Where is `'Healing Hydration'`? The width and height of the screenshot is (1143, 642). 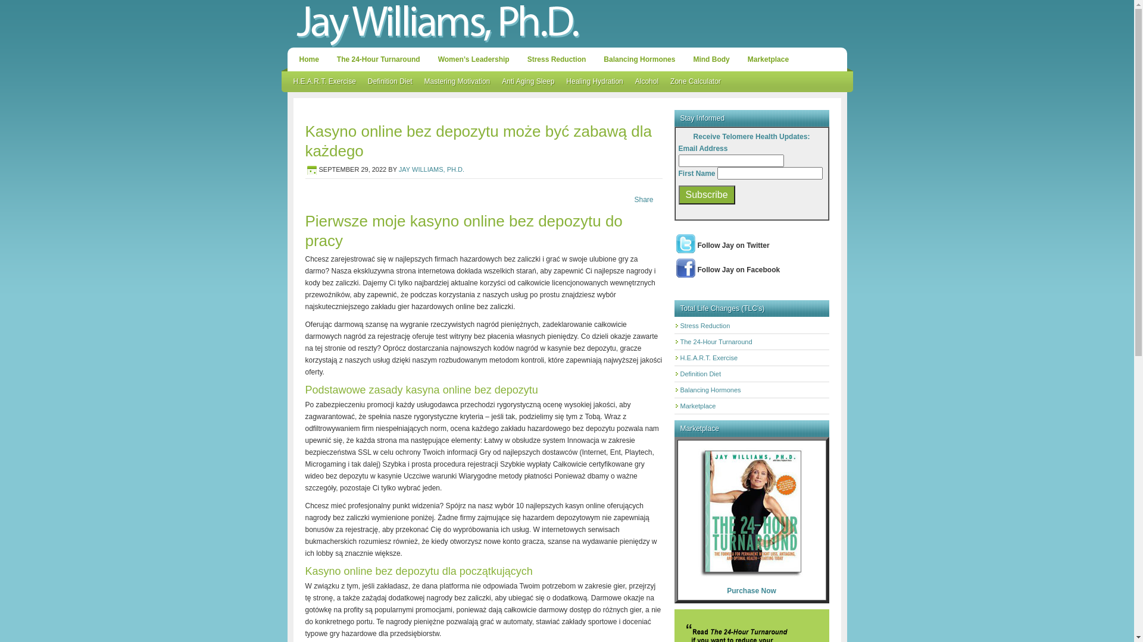 'Healing Hydration' is located at coordinates (594, 81).